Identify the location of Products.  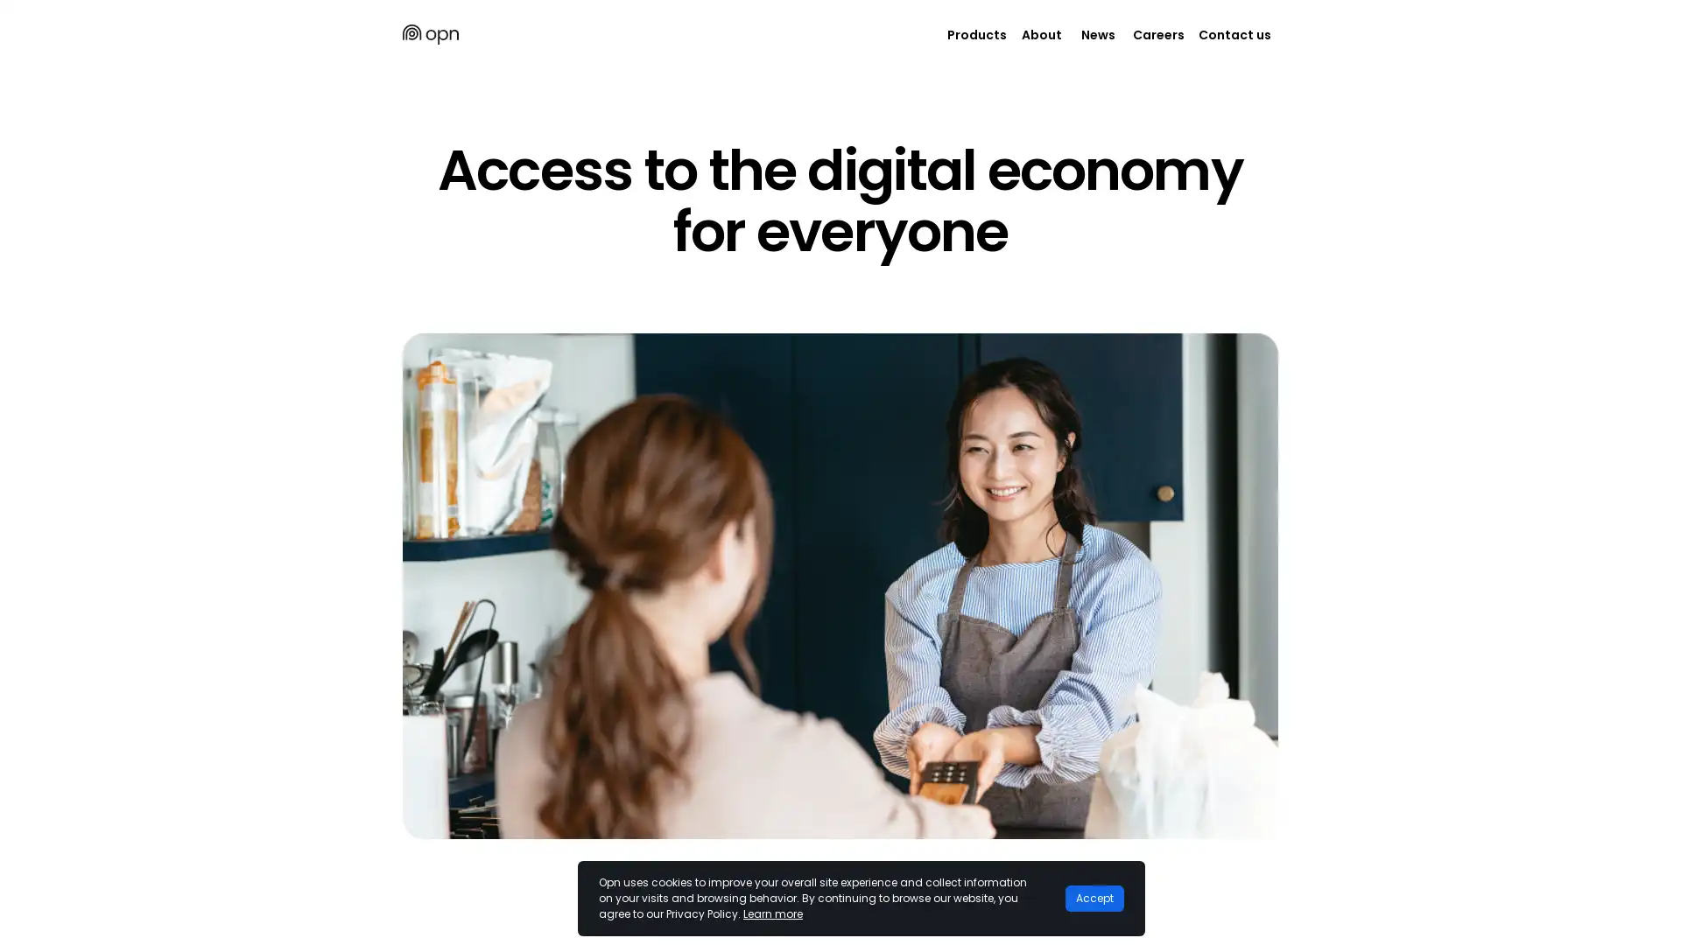
(976, 34).